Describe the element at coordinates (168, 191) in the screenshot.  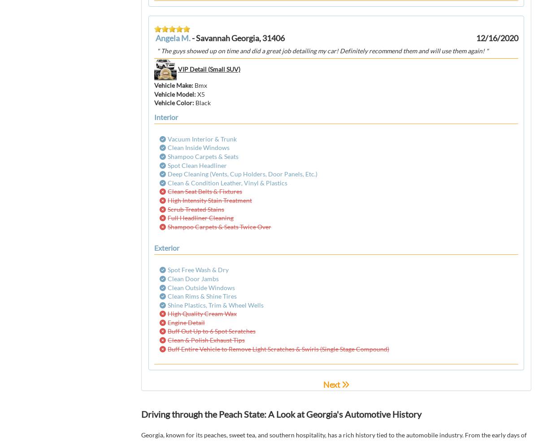
I see `'Clean Seat Belts & Fixtures'` at that location.